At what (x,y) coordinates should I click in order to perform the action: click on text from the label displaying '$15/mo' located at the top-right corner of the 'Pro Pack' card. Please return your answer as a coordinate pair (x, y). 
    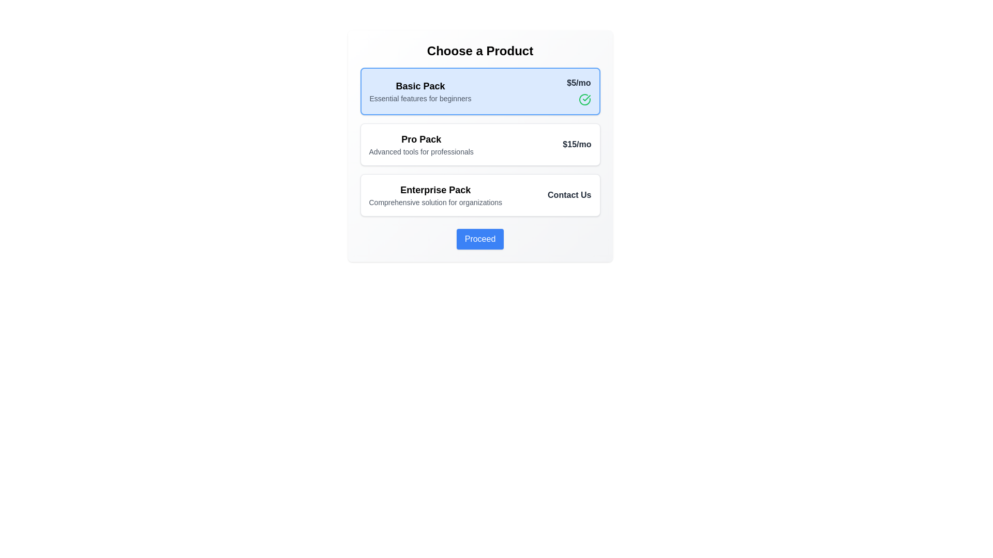
    Looking at the image, I should click on (576, 145).